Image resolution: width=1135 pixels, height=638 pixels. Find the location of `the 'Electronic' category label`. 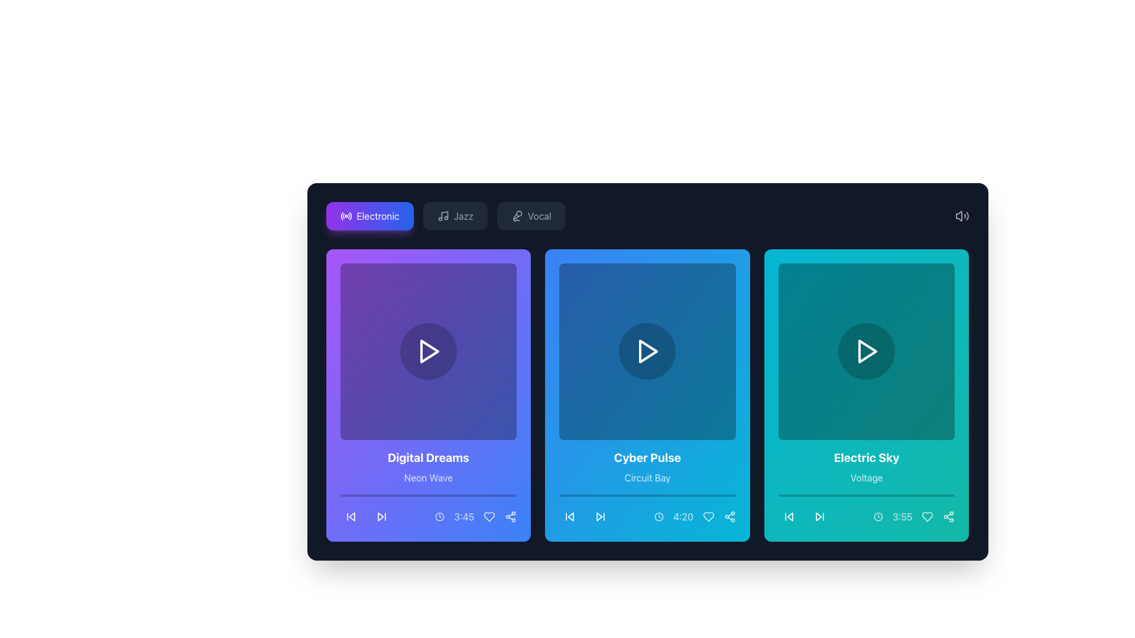

the 'Electronic' category label is located at coordinates (377, 216).